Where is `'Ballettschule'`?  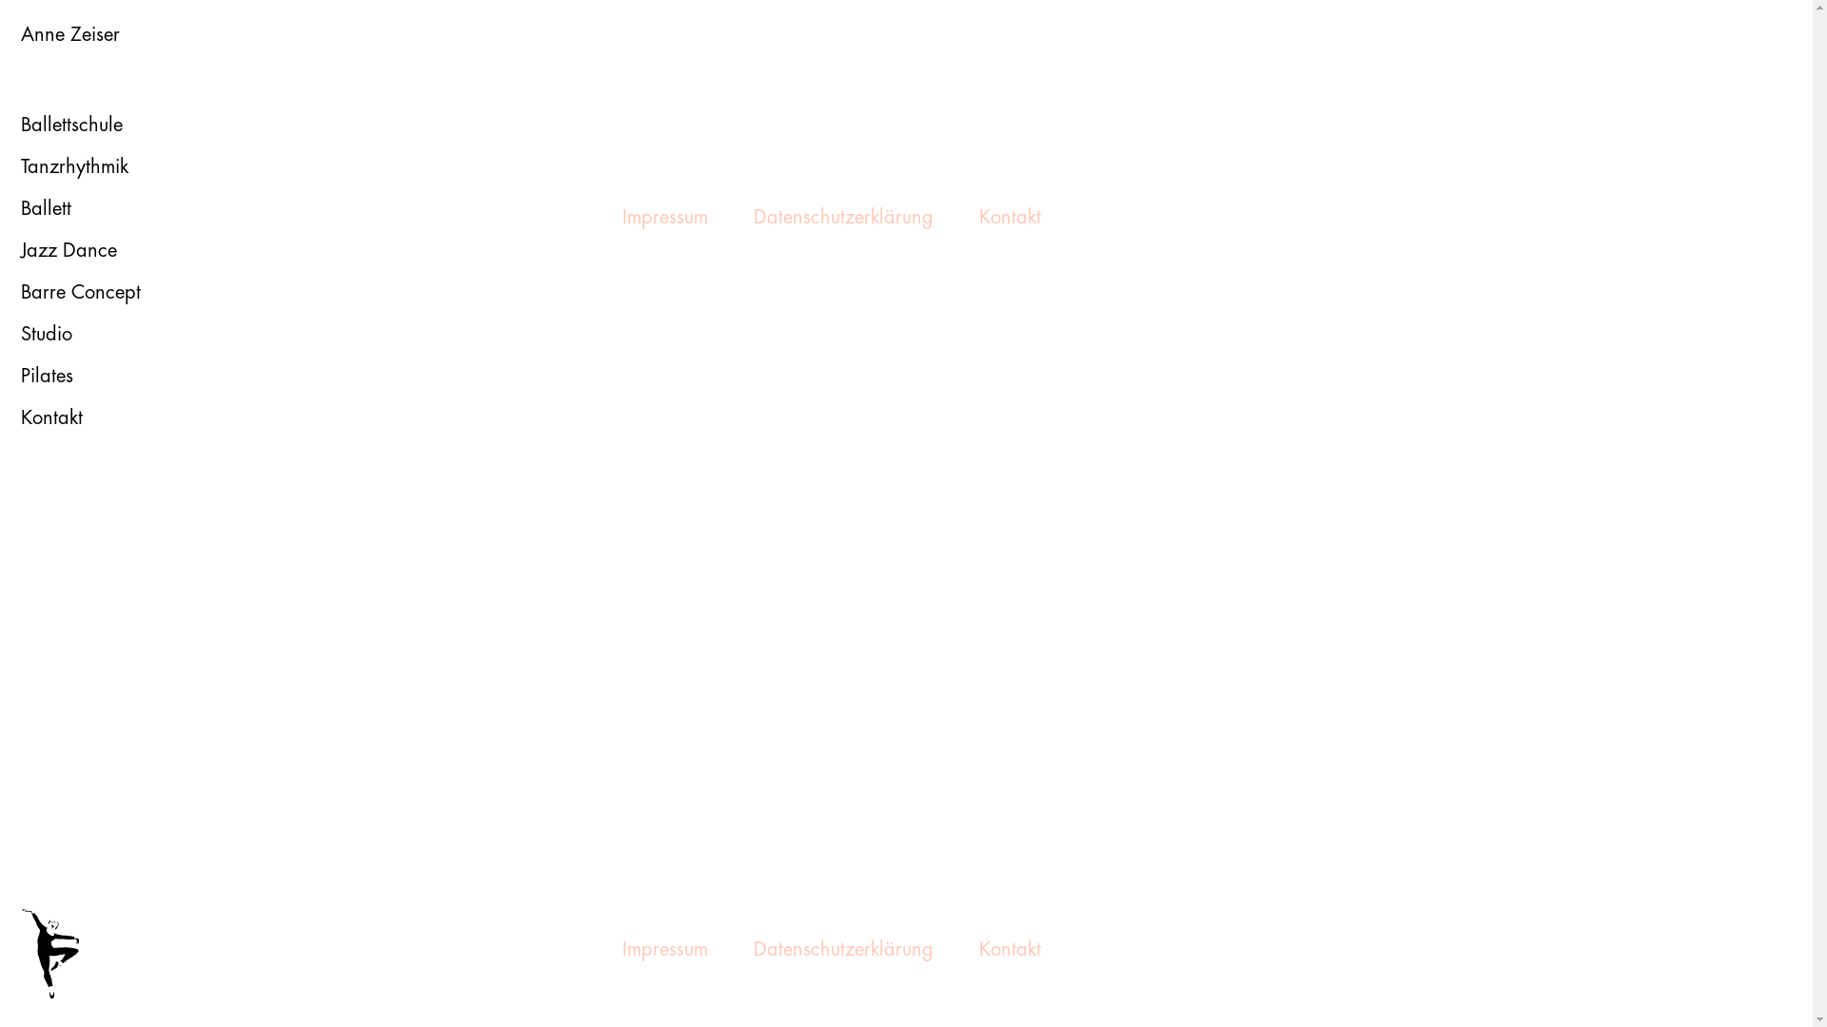
'Ballettschule' is located at coordinates (71, 125).